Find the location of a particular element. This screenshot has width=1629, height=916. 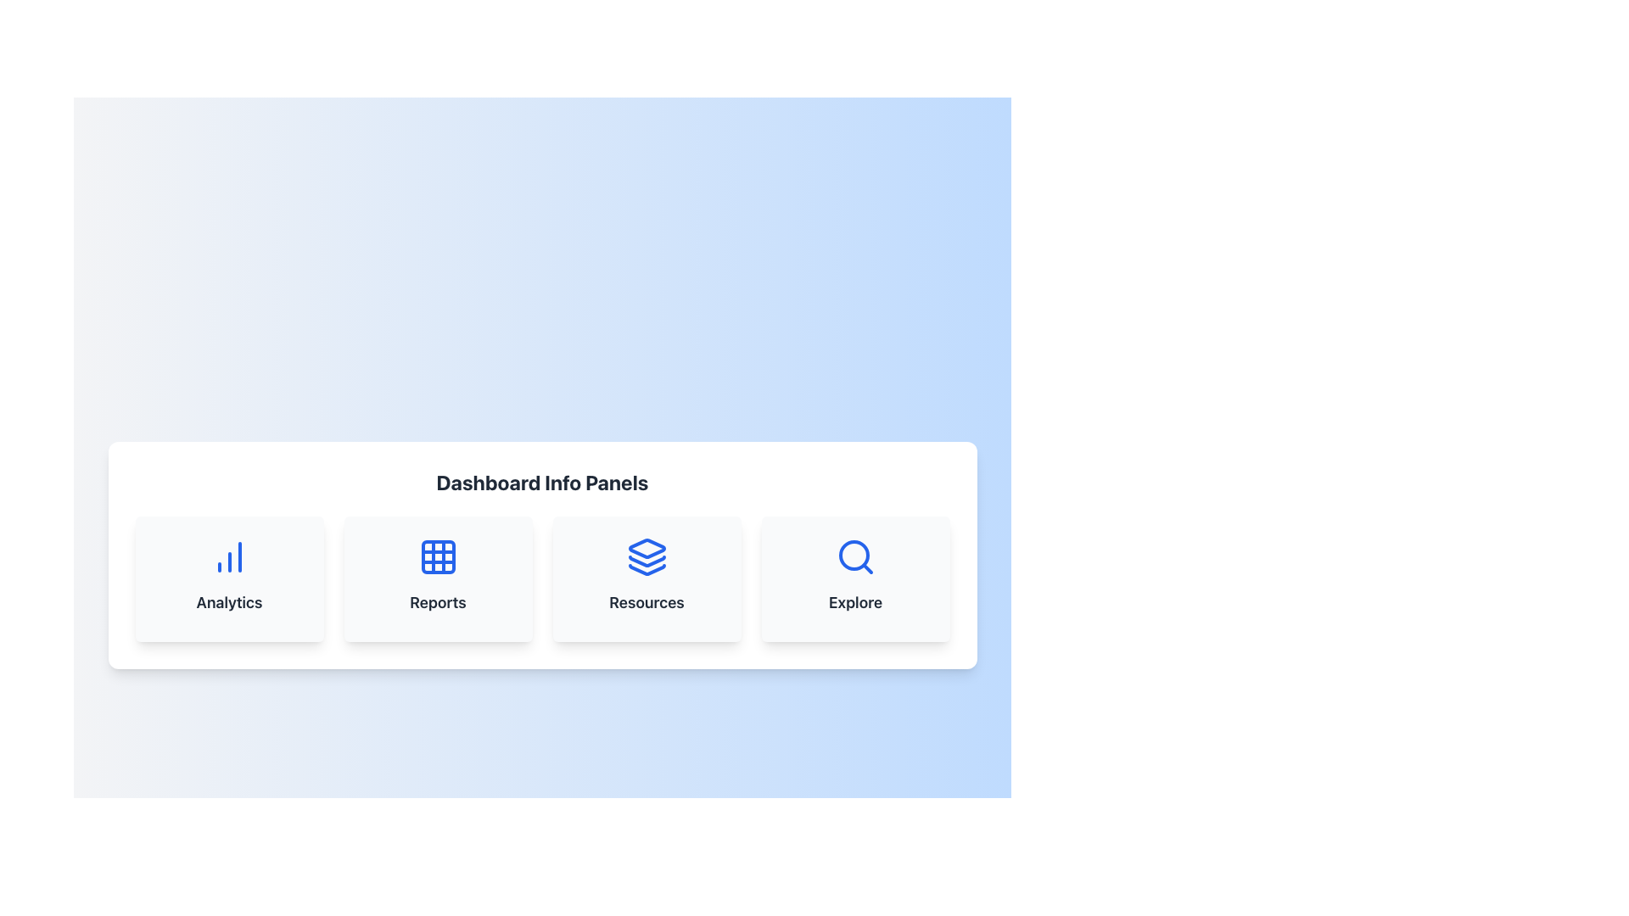

the fourth and rightmost card in the horizontal row is located at coordinates (855, 578).